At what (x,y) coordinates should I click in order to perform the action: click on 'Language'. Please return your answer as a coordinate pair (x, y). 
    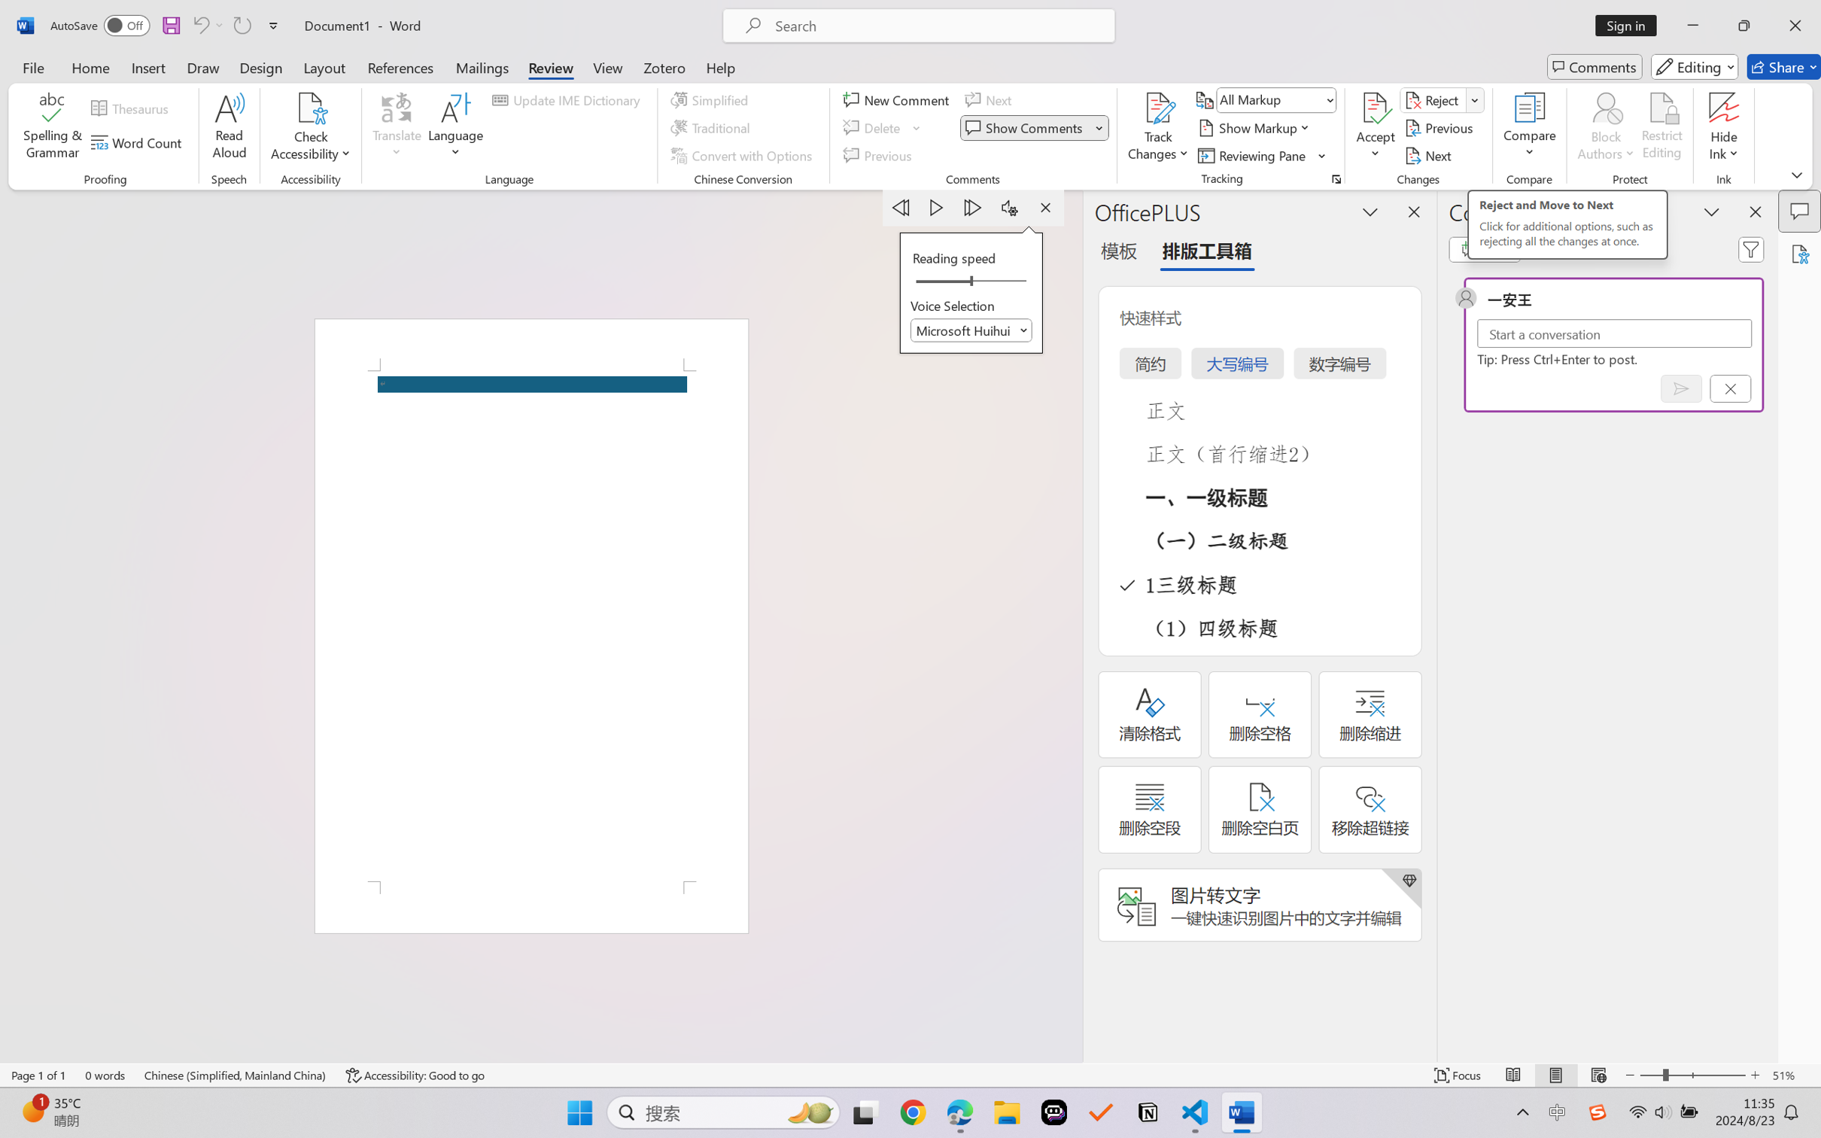
    Looking at the image, I should click on (455, 128).